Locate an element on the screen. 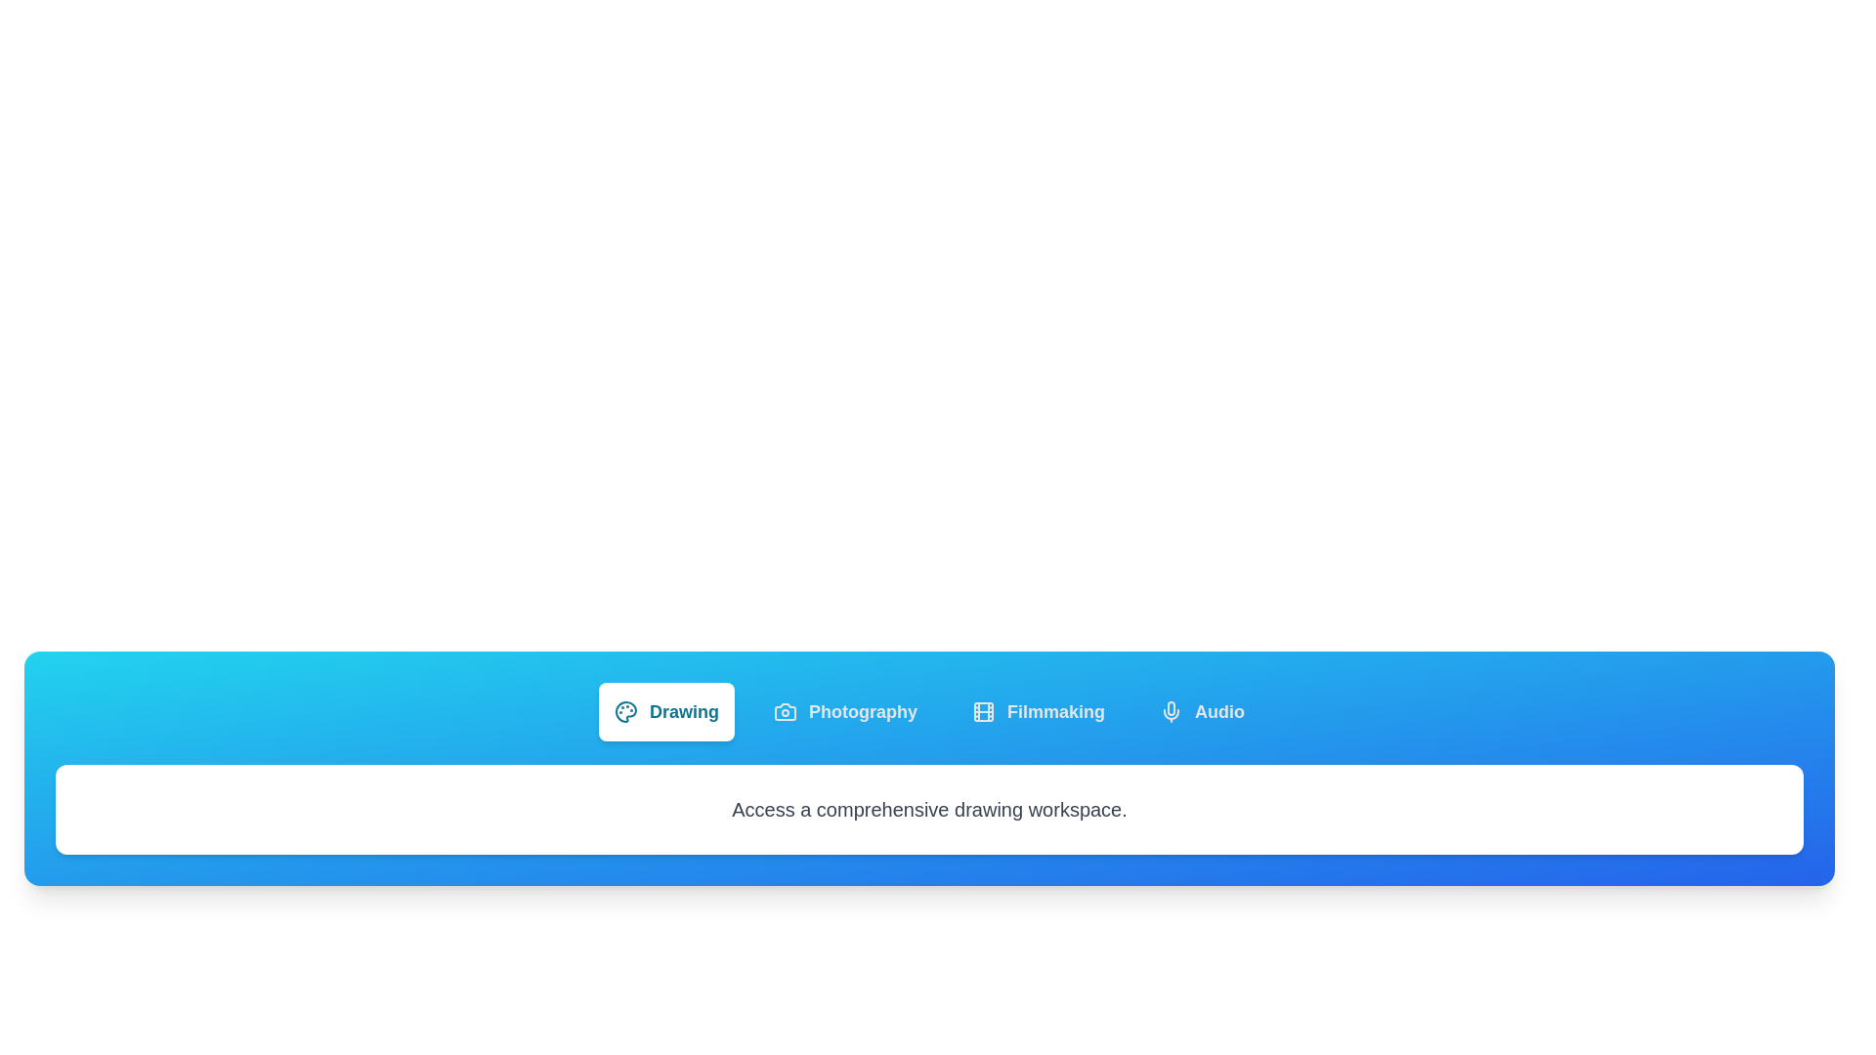  the tab labeled Audio to display its content is located at coordinates (1200, 712).